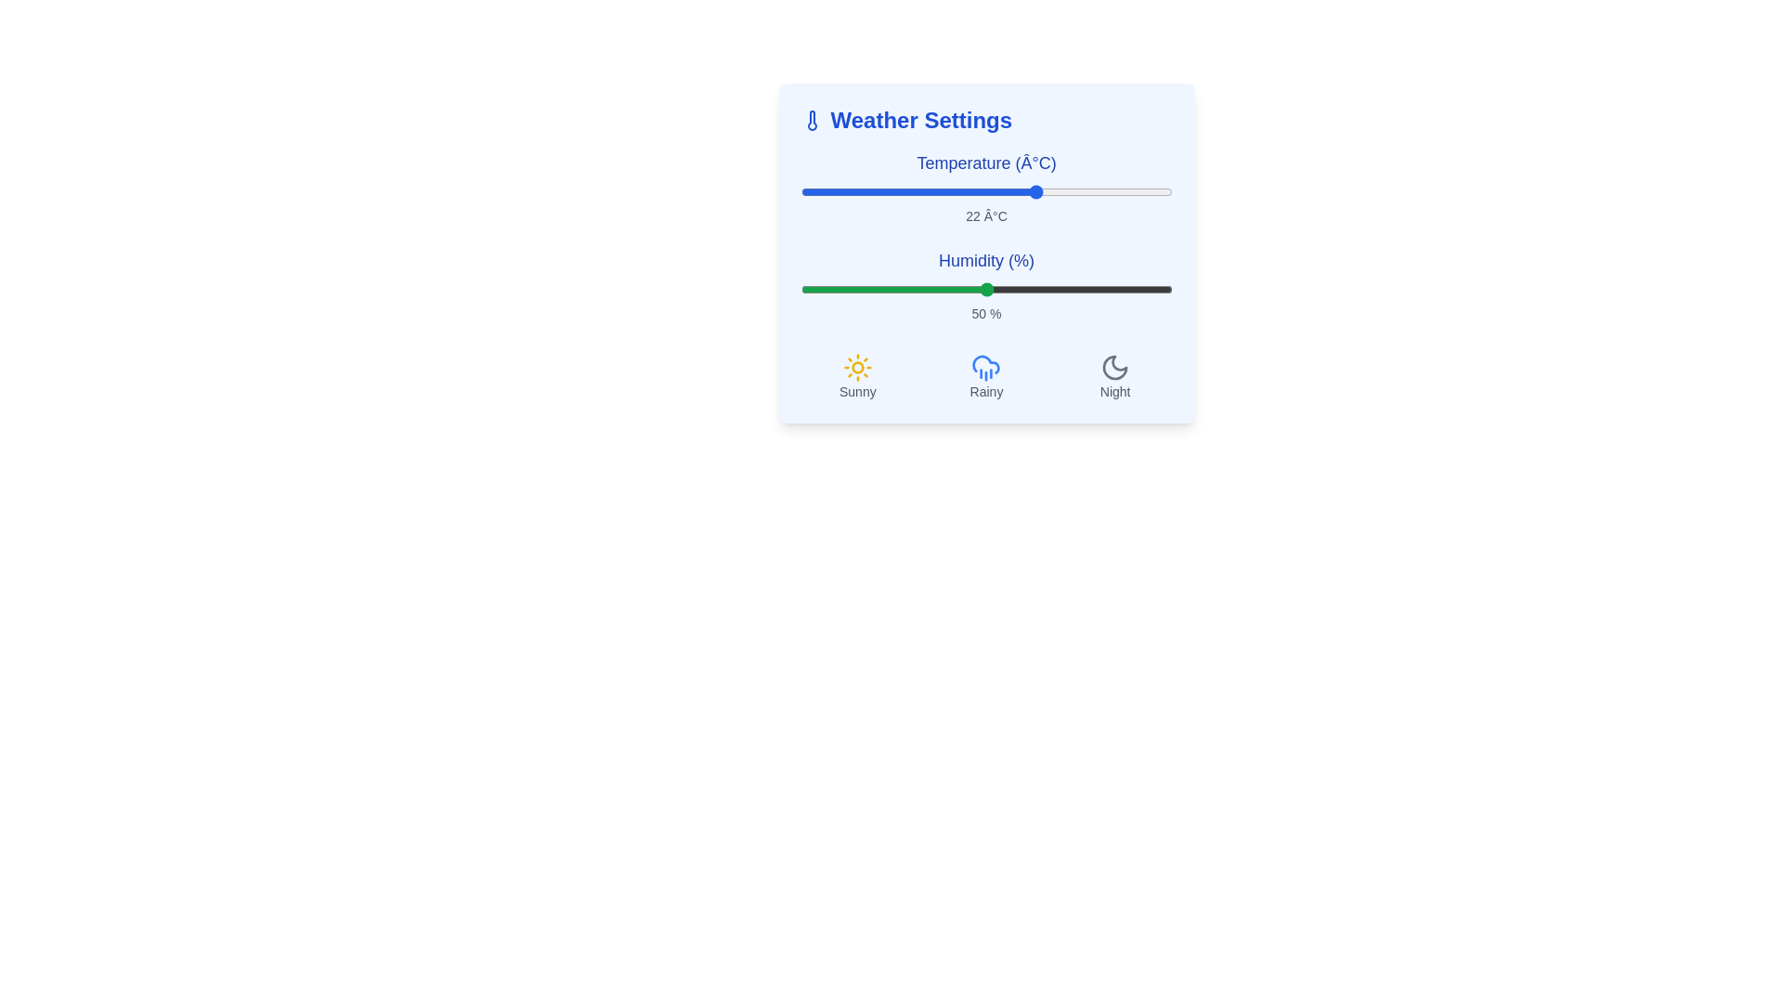  What do you see at coordinates (964, 192) in the screenshot?
I see `the temperature` at bounding box center [964, 192].